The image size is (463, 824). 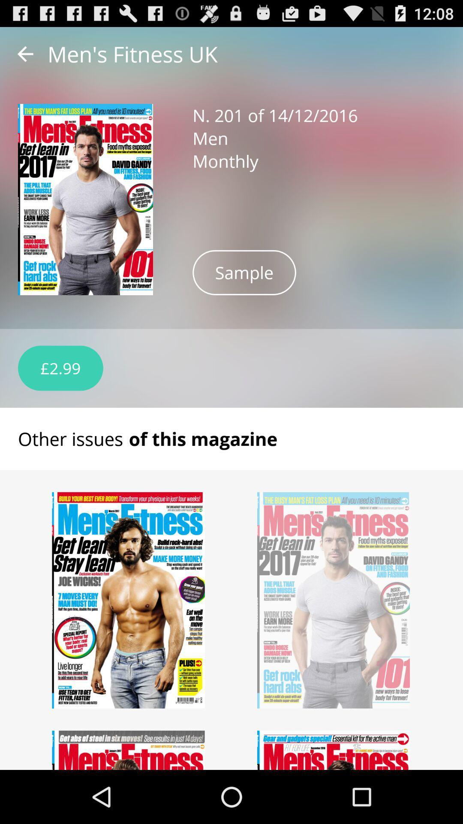 What do you see at coordinates (129, 750) in the screenshot?
I see `tap for different issue` at bounding box center [129, 750].